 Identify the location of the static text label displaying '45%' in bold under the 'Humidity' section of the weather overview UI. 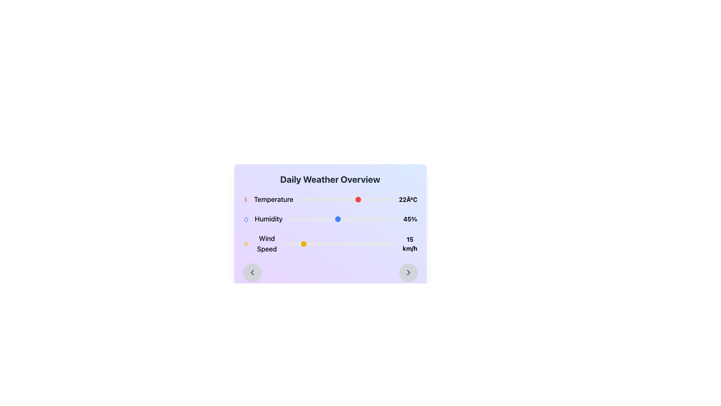
(410, 219).